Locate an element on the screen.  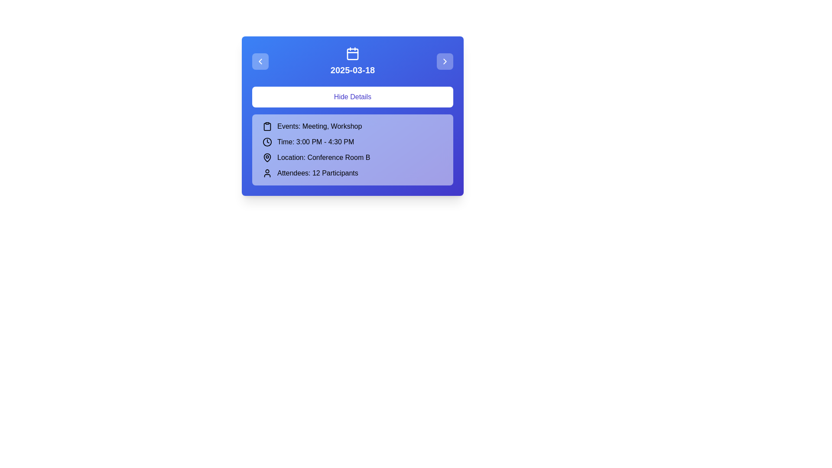
the right-facing chevron icon button located at the upper-right corner of the card is located at coordinates (445, 61).